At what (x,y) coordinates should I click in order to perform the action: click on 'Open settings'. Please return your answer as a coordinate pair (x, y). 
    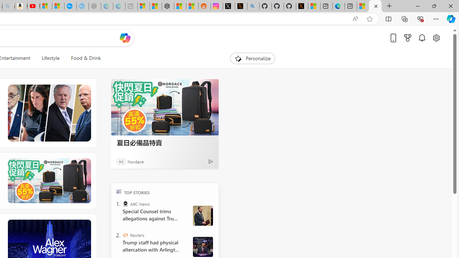
    Looking at the image, I should click on (436, 38).